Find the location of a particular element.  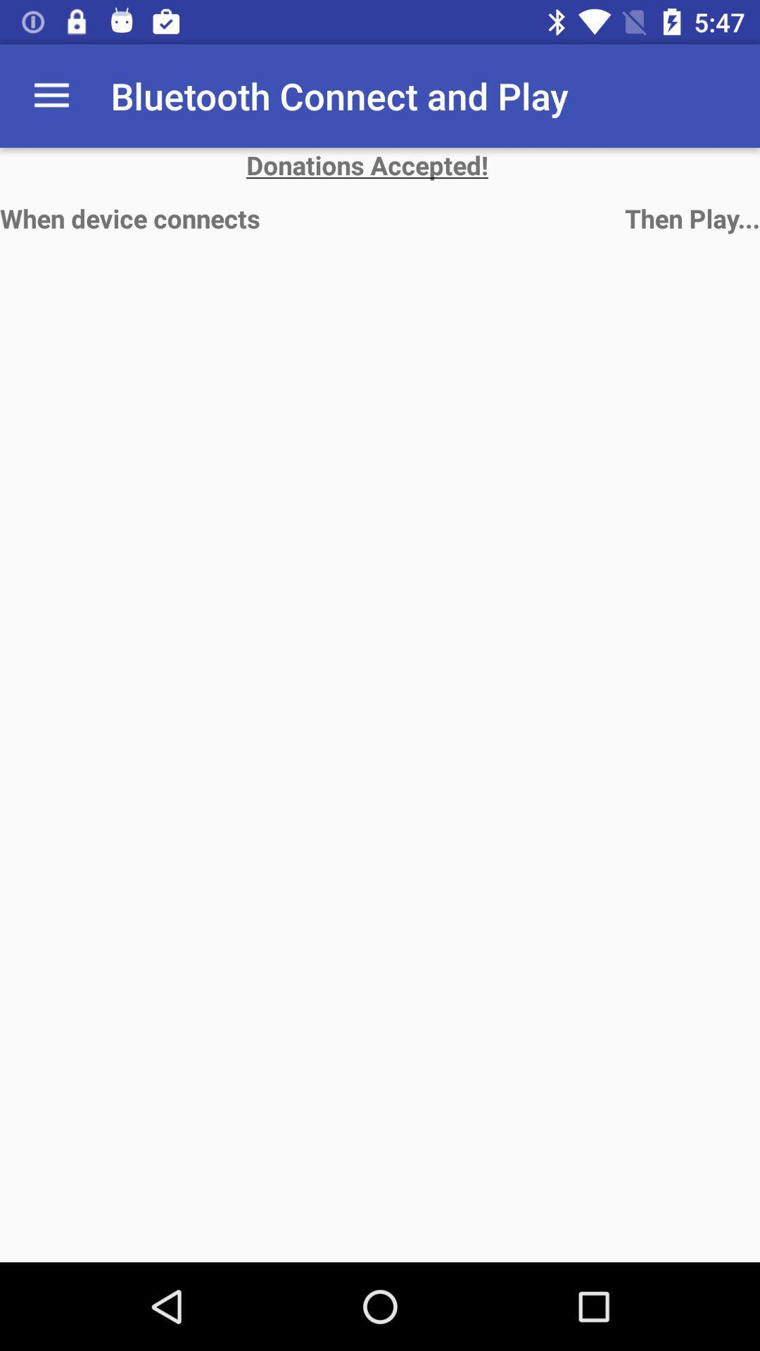

the item to the left of bluetooth connect and icon is located at coordinates (51, 95).